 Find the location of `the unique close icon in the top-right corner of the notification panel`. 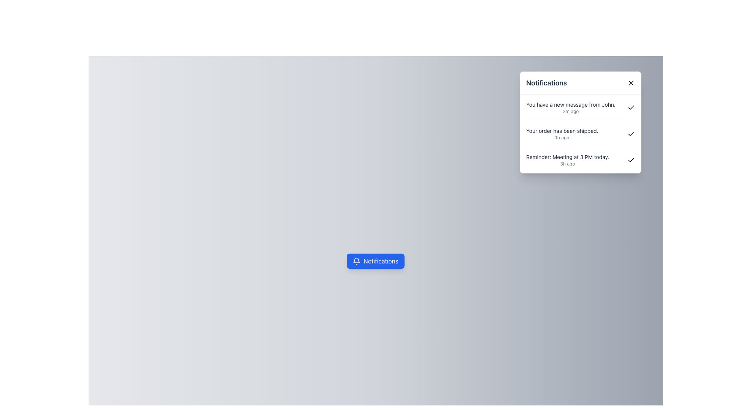

the unique close icon in the top-right corner of the notification panel is located at coordinates (631, 83).